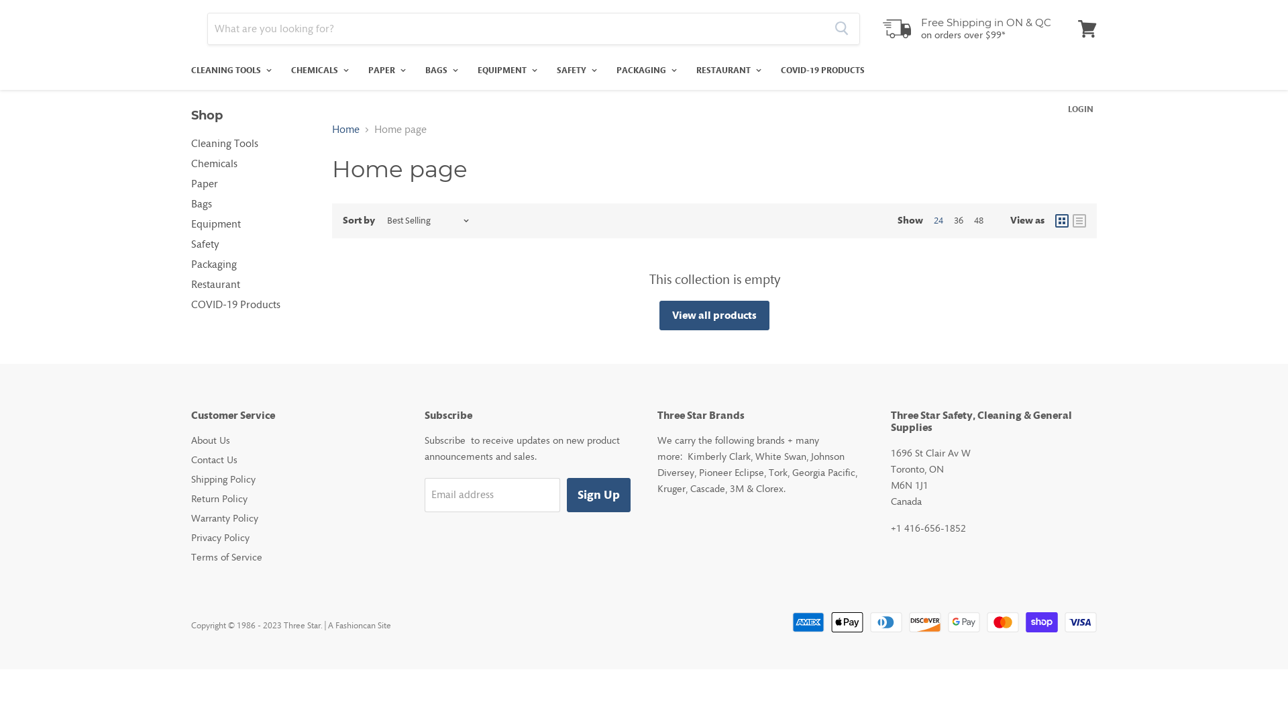 The width and height of the screenshot is (1288, 725). I want to click on 'Sign Up', so click(566, 495).